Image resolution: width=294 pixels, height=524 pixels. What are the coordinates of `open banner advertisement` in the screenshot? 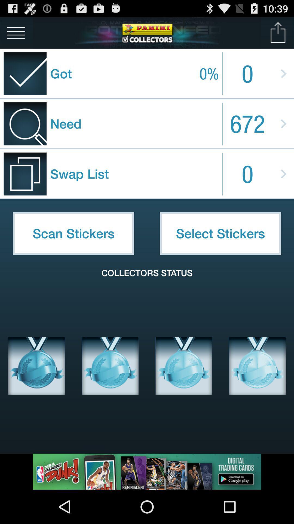 It's located at (147, 471).